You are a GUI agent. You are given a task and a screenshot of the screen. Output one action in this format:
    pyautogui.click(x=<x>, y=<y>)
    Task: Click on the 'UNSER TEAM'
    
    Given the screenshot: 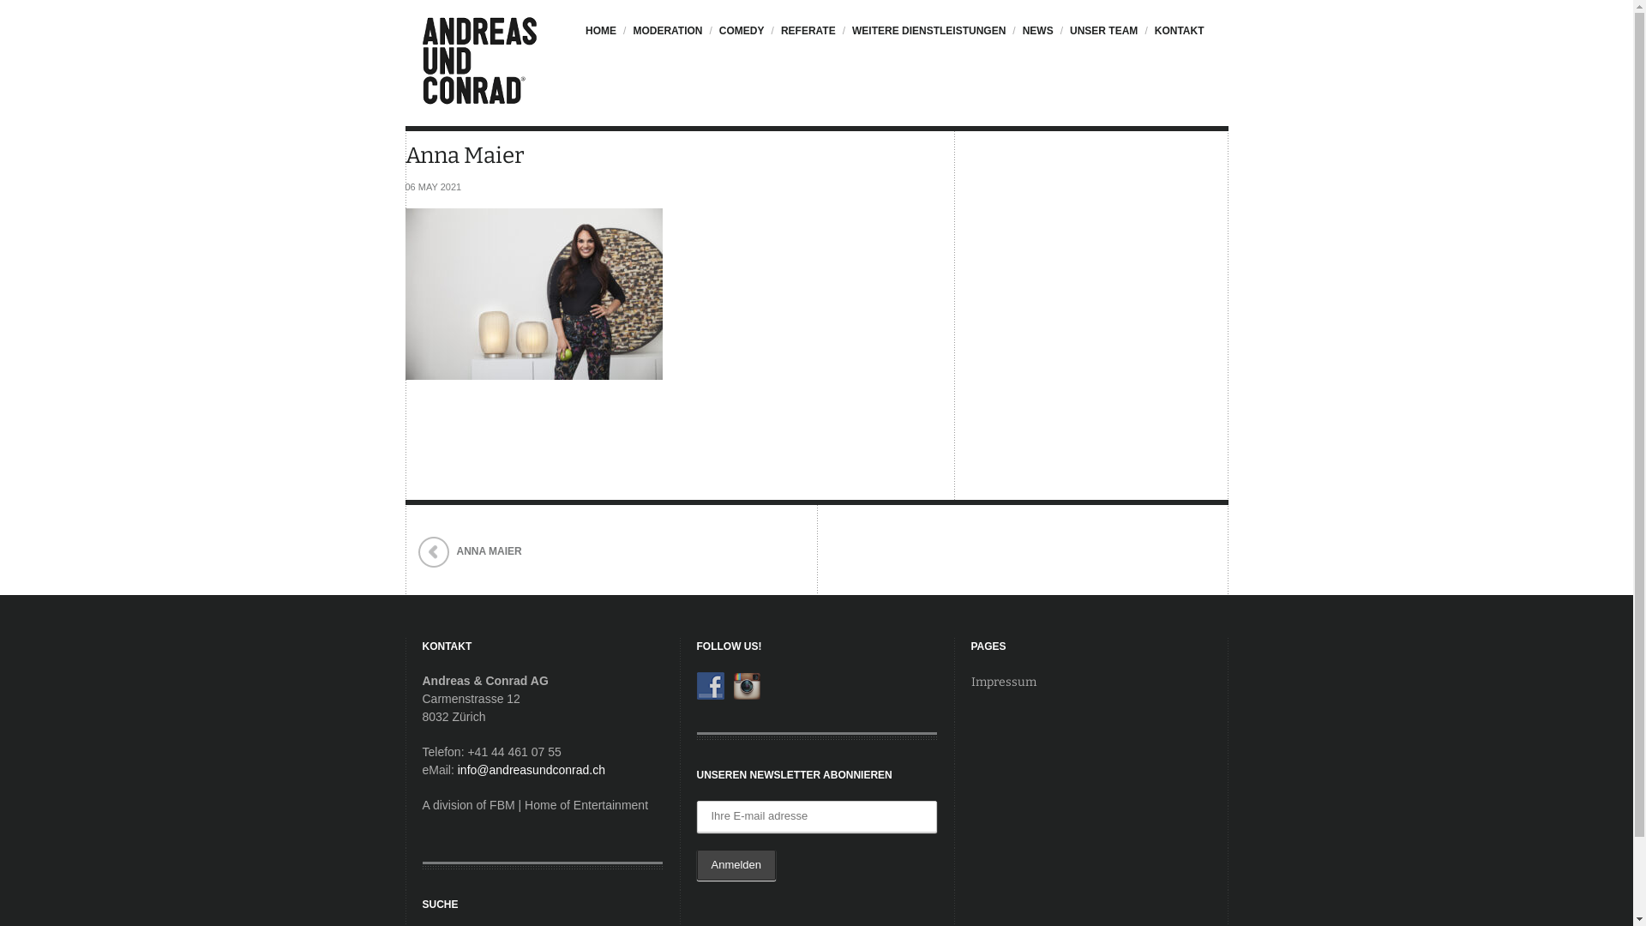 What is the action you would take?
    pyautogui.click(x=1102, y=39)
    